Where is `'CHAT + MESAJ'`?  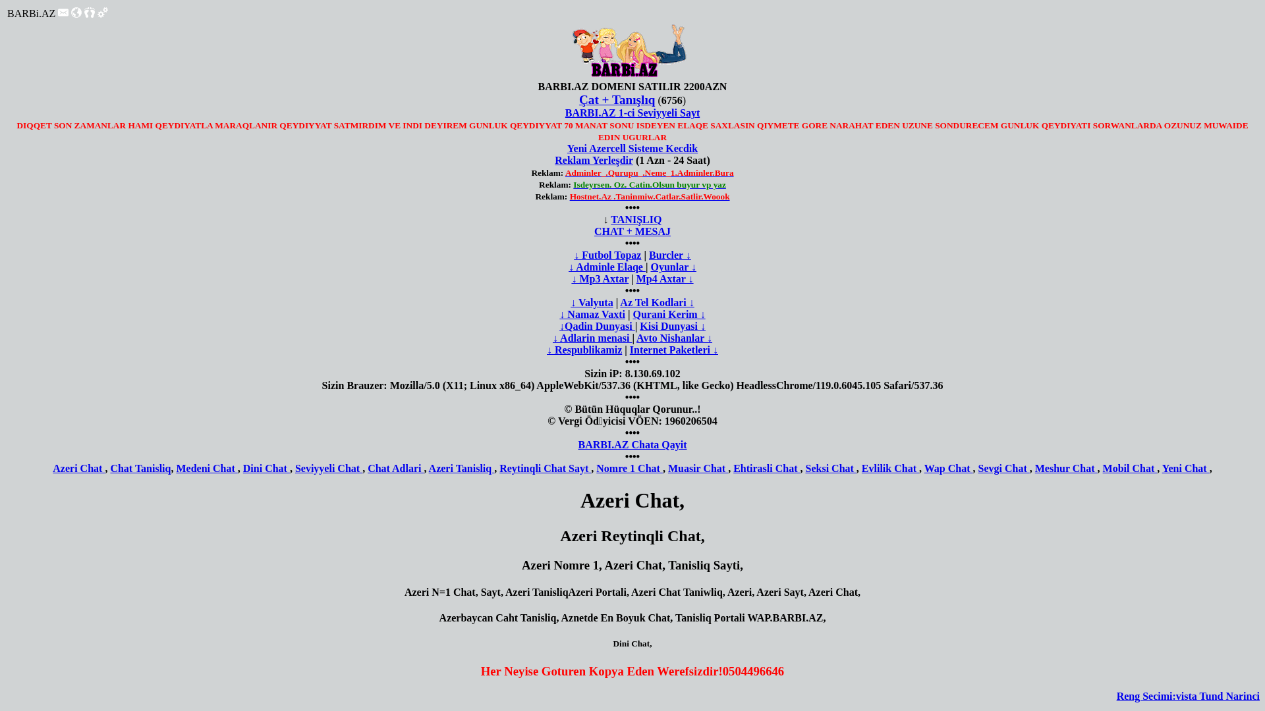 'CHAT + MESAJ' is located at coordinates (632, 230).